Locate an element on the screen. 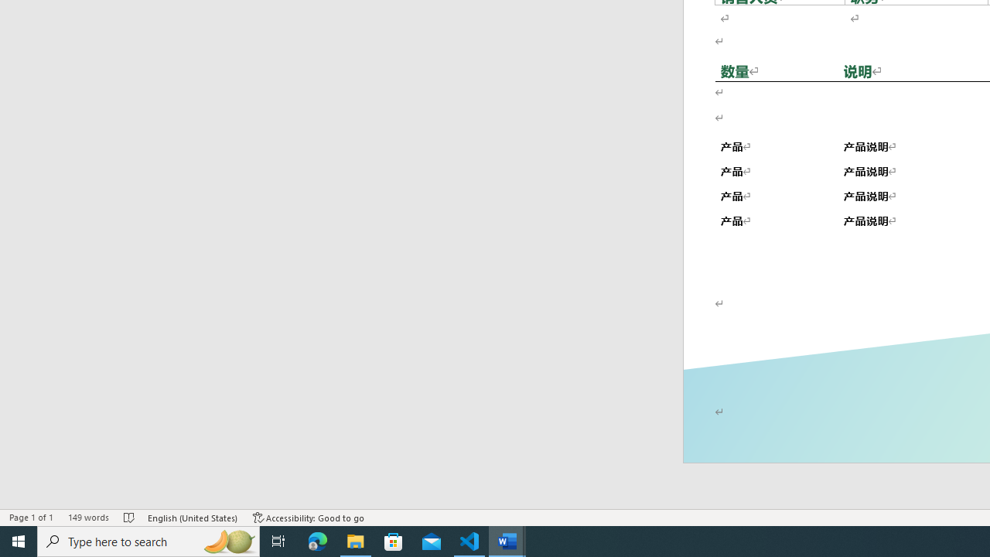 Image resolution: width=990 pixels, height=557 pixels. 'Word - 2 running windows' is located at coordinates (507, 540).